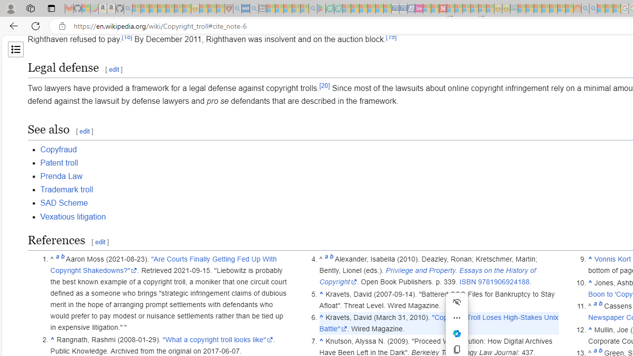 The height and width of the screenshot is (356, 633). What do you see at coordinates (152, 8) in the screenshot?
I see `'The Weather Channel - MSN - Sleeping'` at bounding box center [152, 8].